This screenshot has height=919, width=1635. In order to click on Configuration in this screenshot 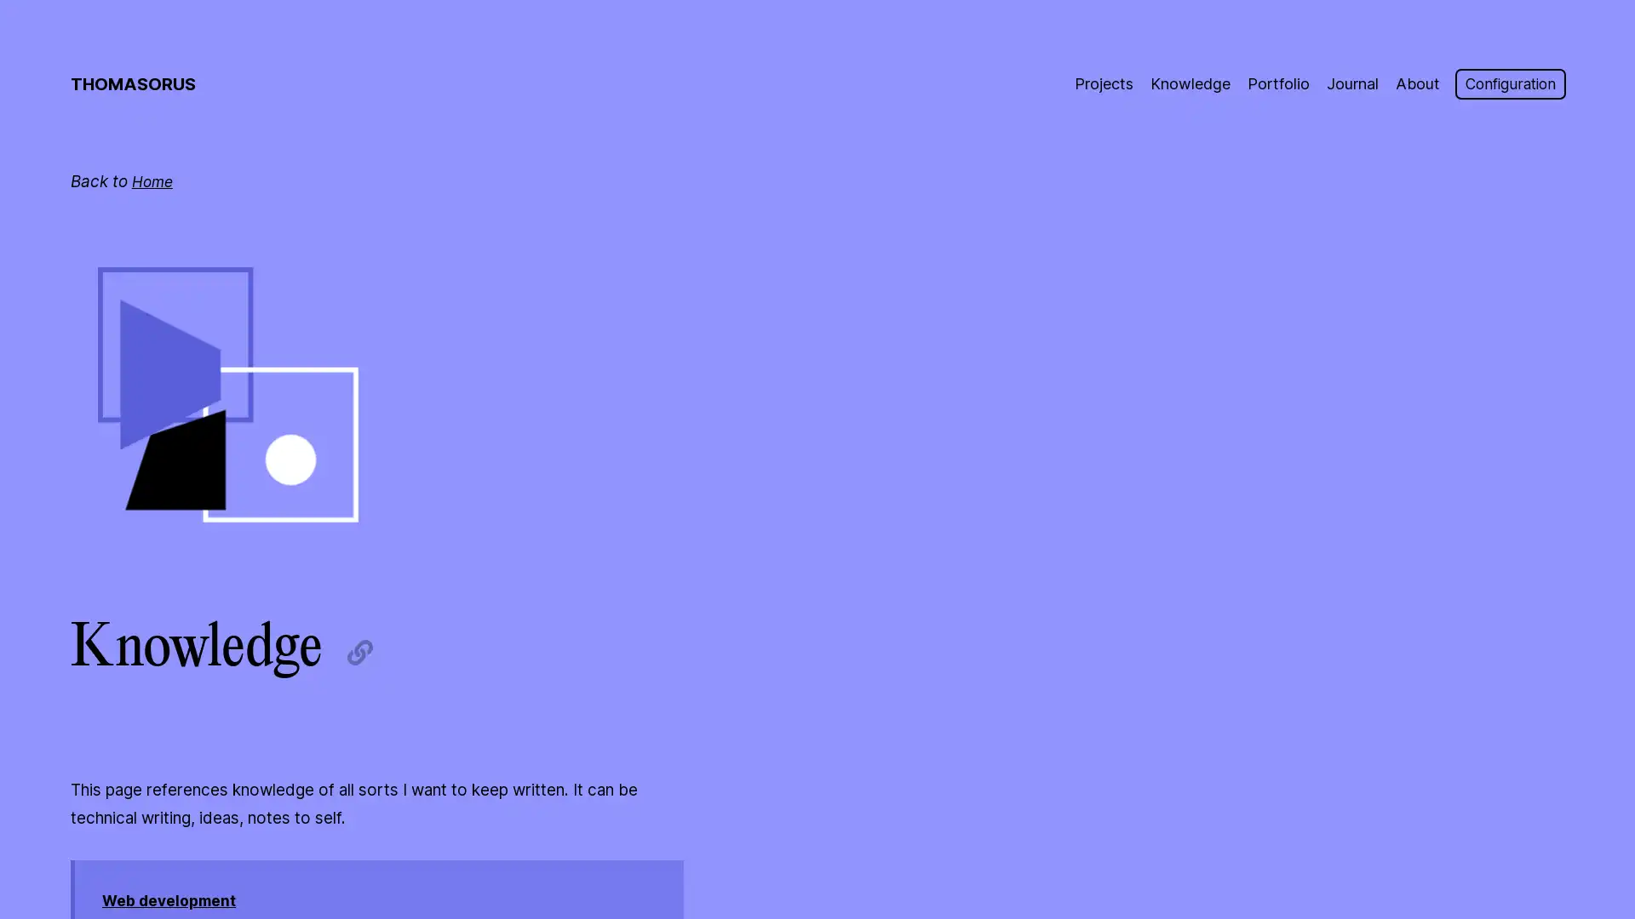, I will do `click(1505, 84)`.